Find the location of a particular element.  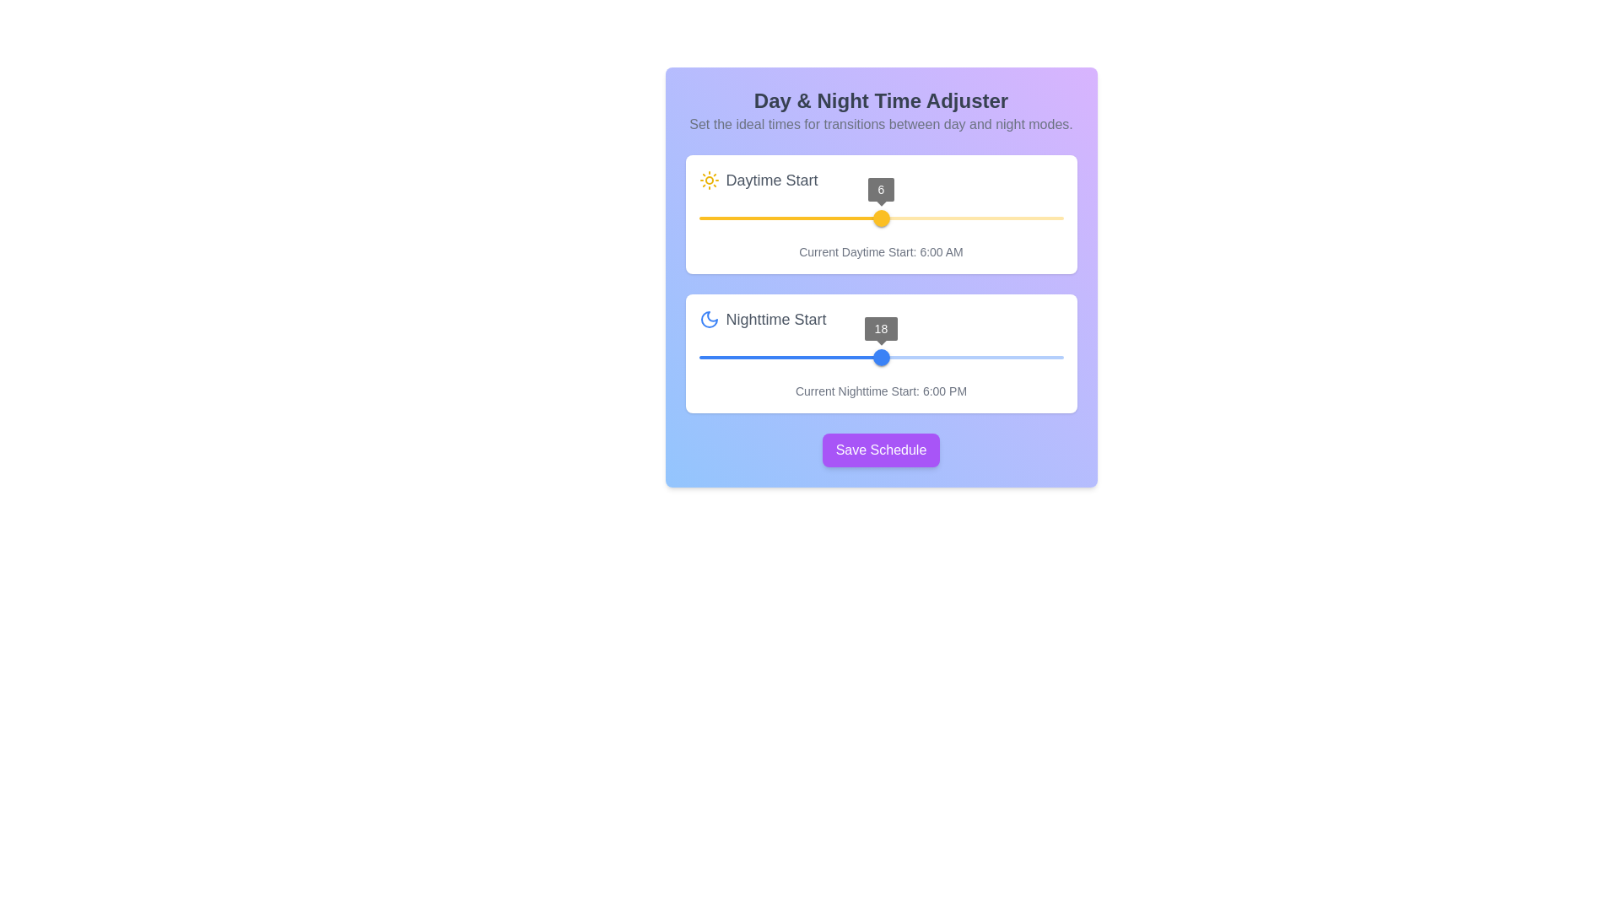

the nighttime start hour is located at coordinates (984, 337).